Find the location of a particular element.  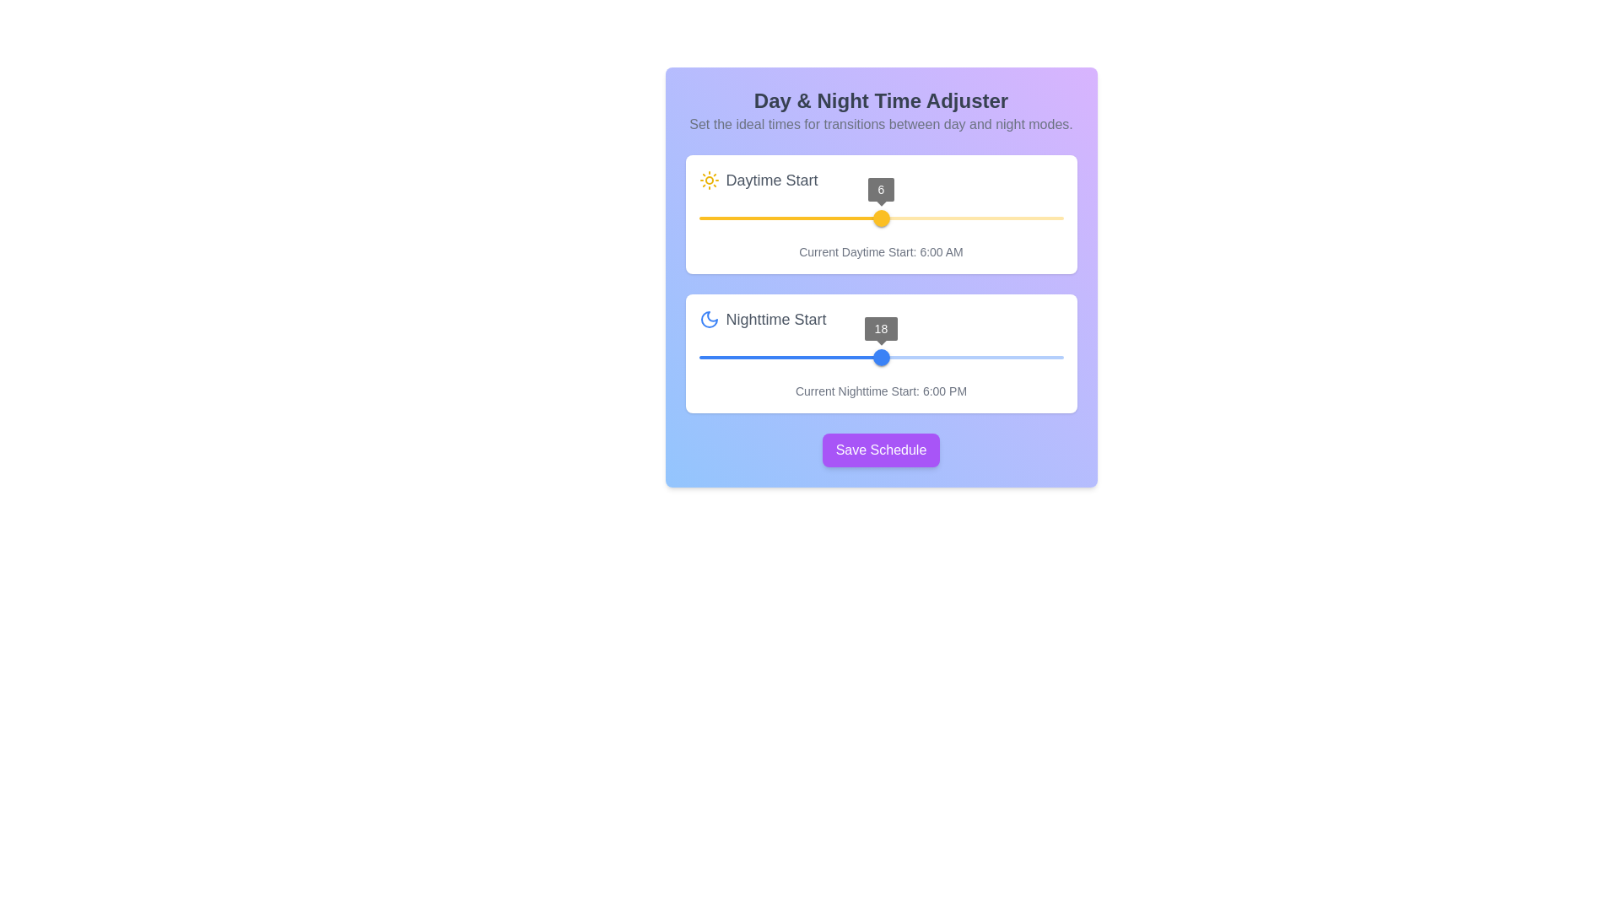

the nighttime start hour is located at coordinates (984, 337).